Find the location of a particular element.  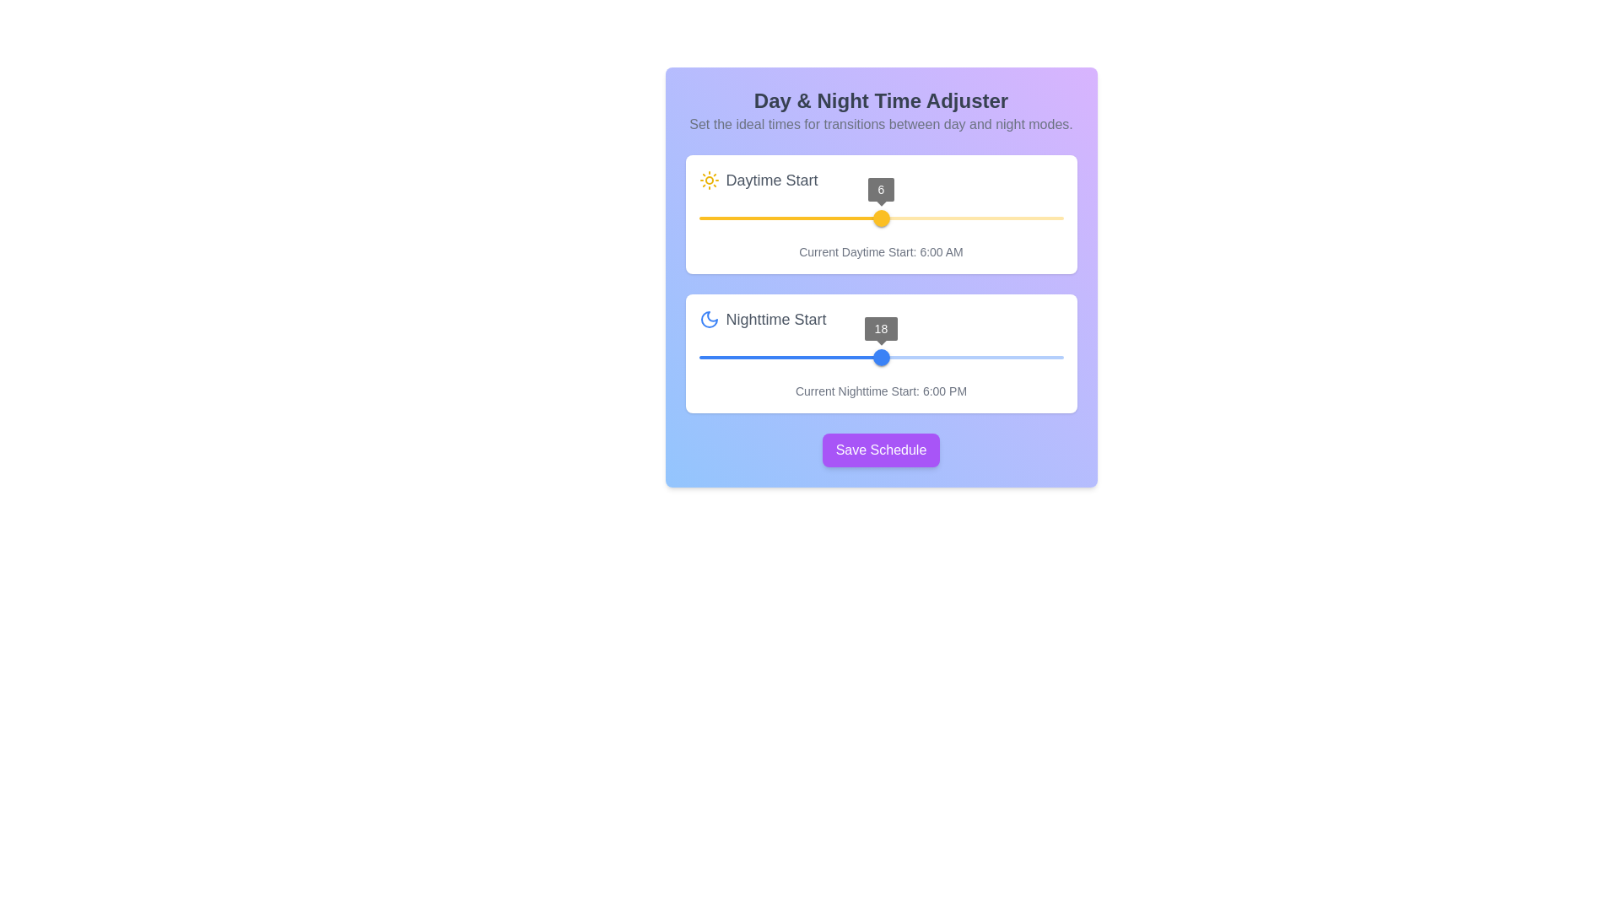

the nighttime start hour is located at coordinates (984, 337).